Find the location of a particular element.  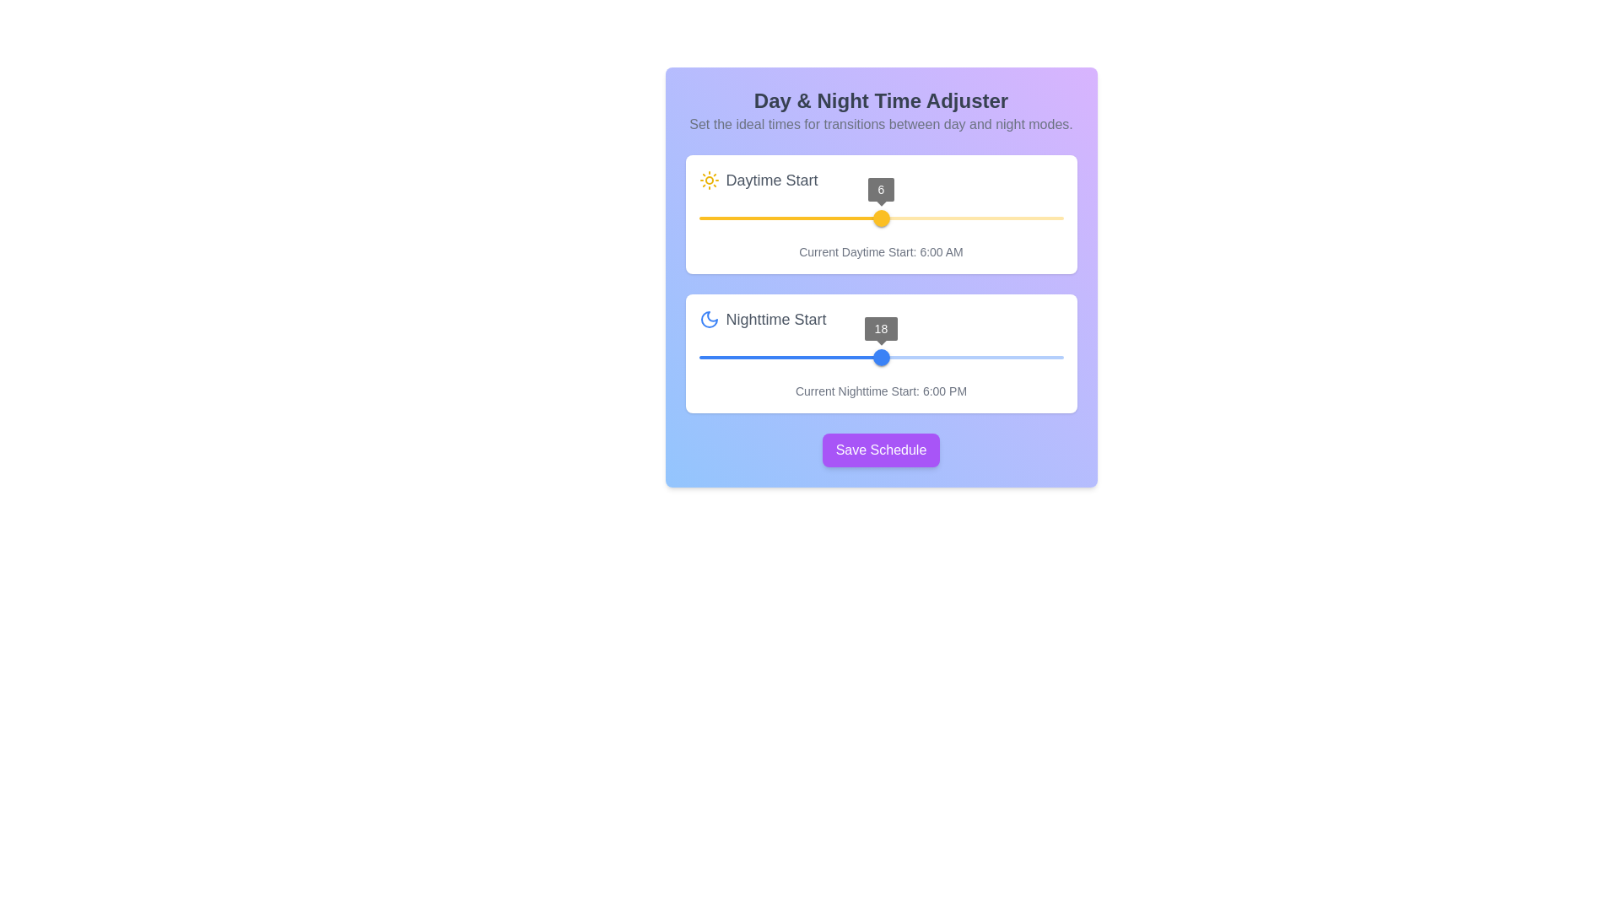

the nighttime start hour is located at coordinates (984, 337).